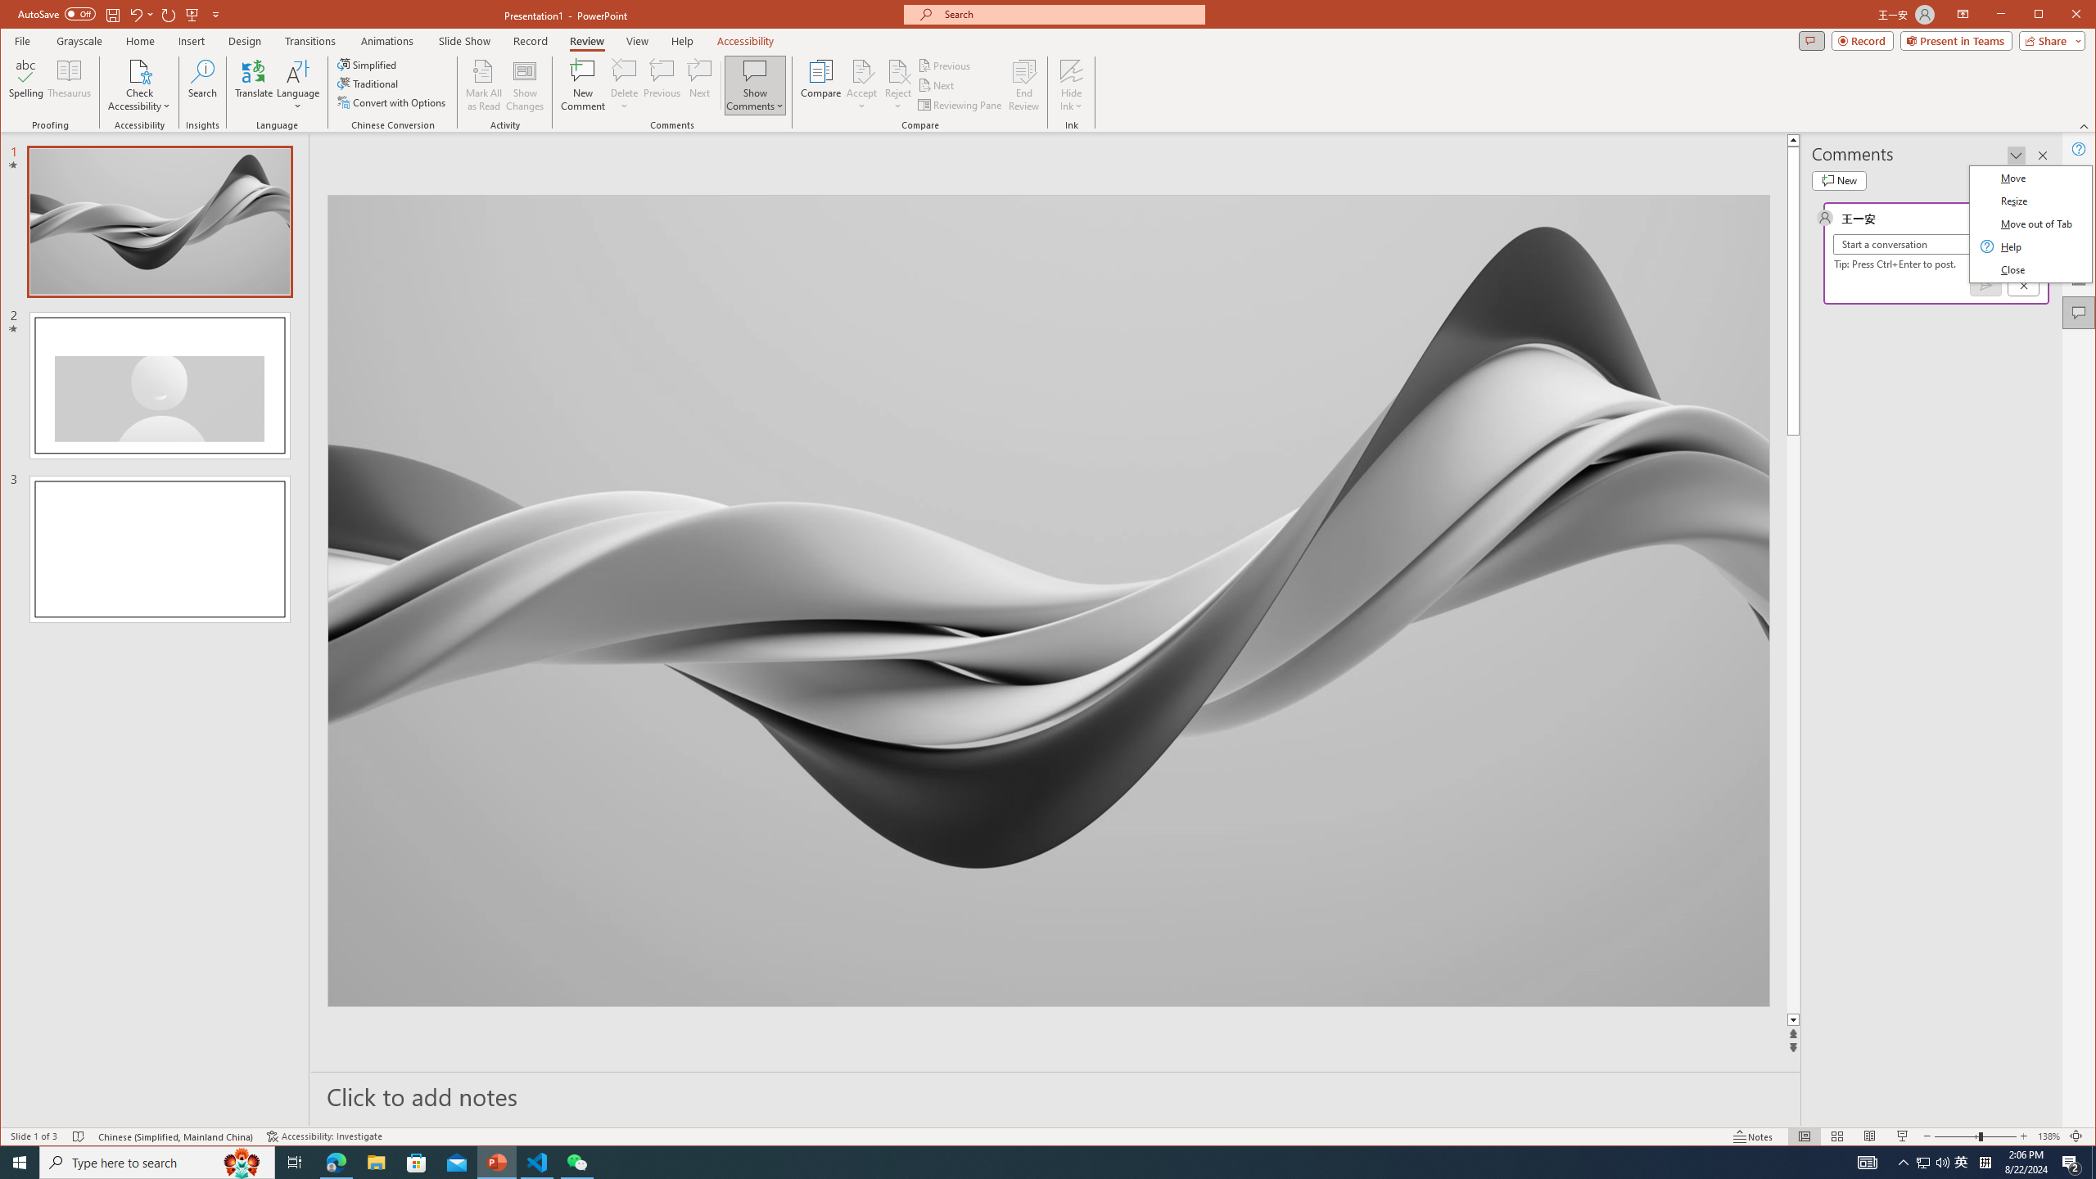 The image size is (2096, 1179). What do you see at coordinates (1836, 1136) in the screenshot?
I see `'Slide Sorter'` at bounding box center [1836, 1136].